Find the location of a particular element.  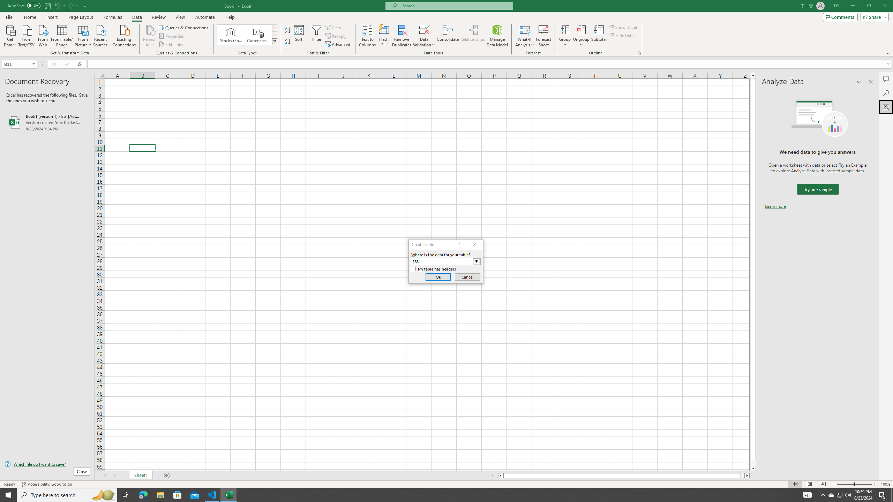

'Consolidate...' is located at coordinates (448, 36).